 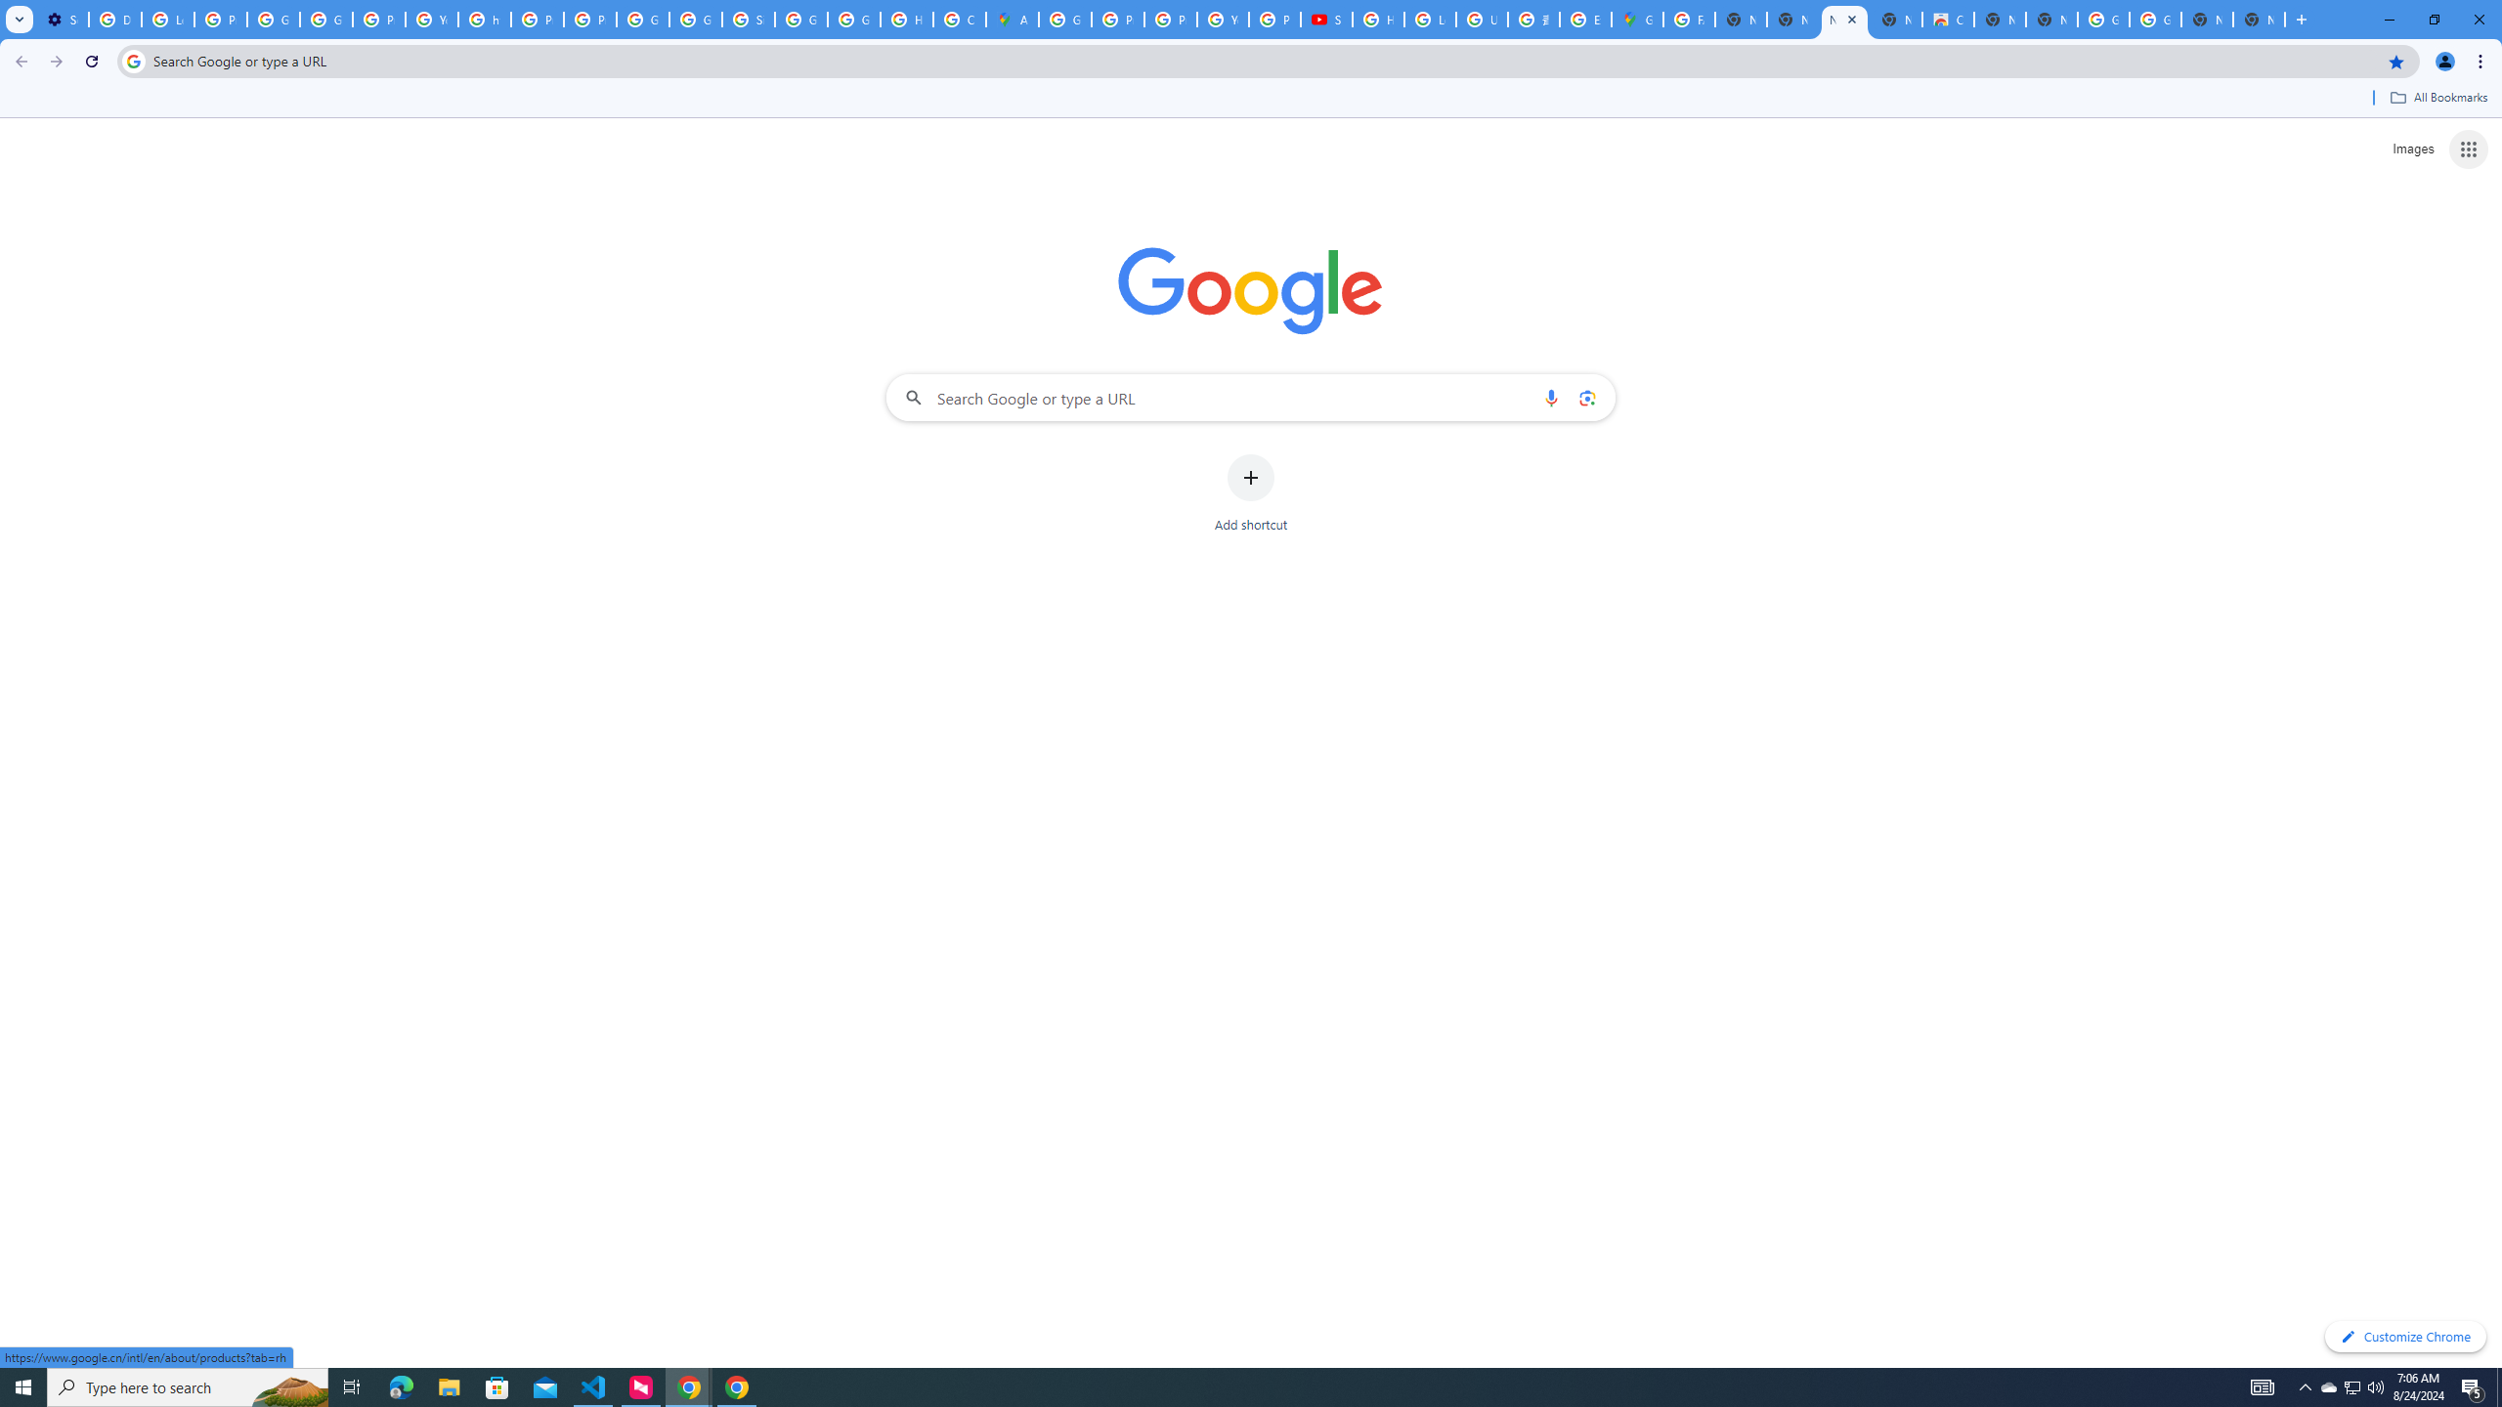 I want to click on 'Privacy Help Center - Policies Help', so click(x=1118, y=19).